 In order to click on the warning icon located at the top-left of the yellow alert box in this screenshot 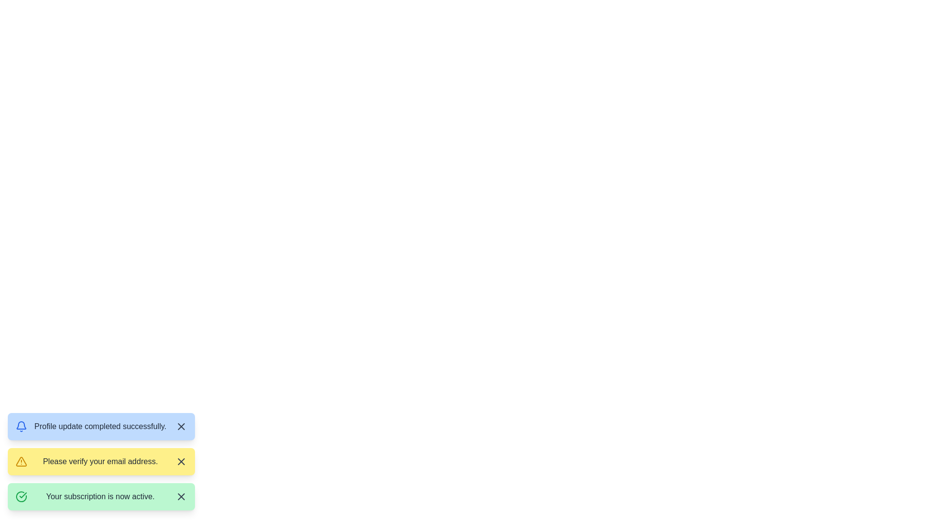, I will do `click(21, 461)`.